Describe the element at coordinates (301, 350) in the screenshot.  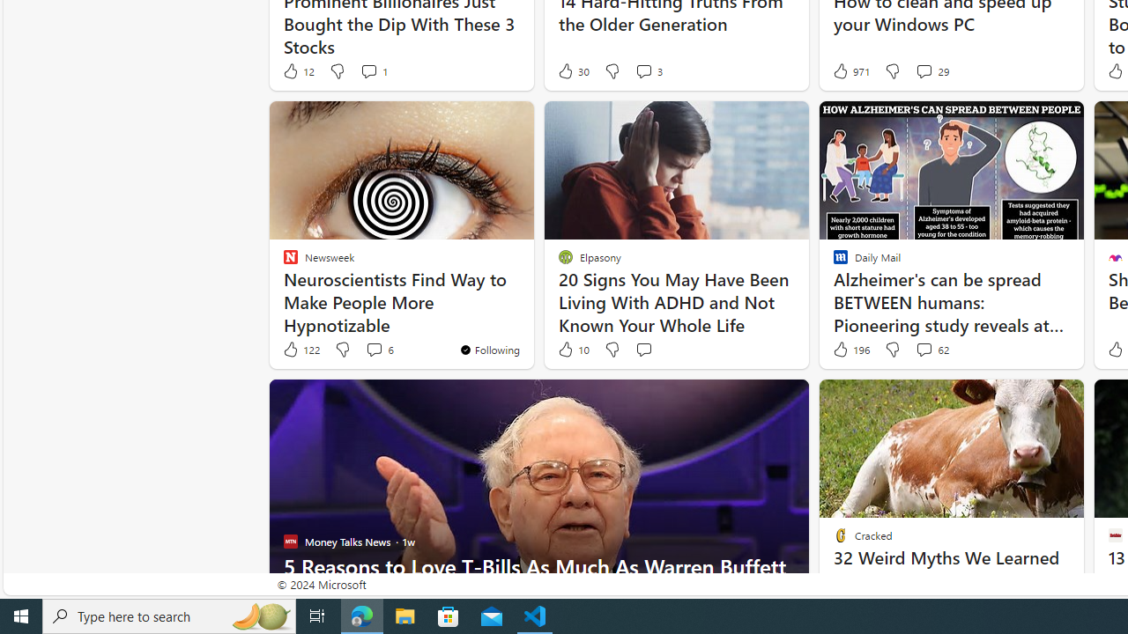
I see `'122 Like'` at that location.